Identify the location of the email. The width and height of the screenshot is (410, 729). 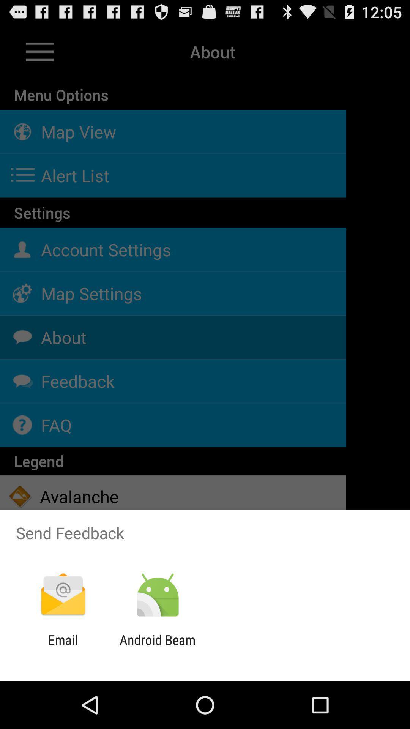
(63, 647).